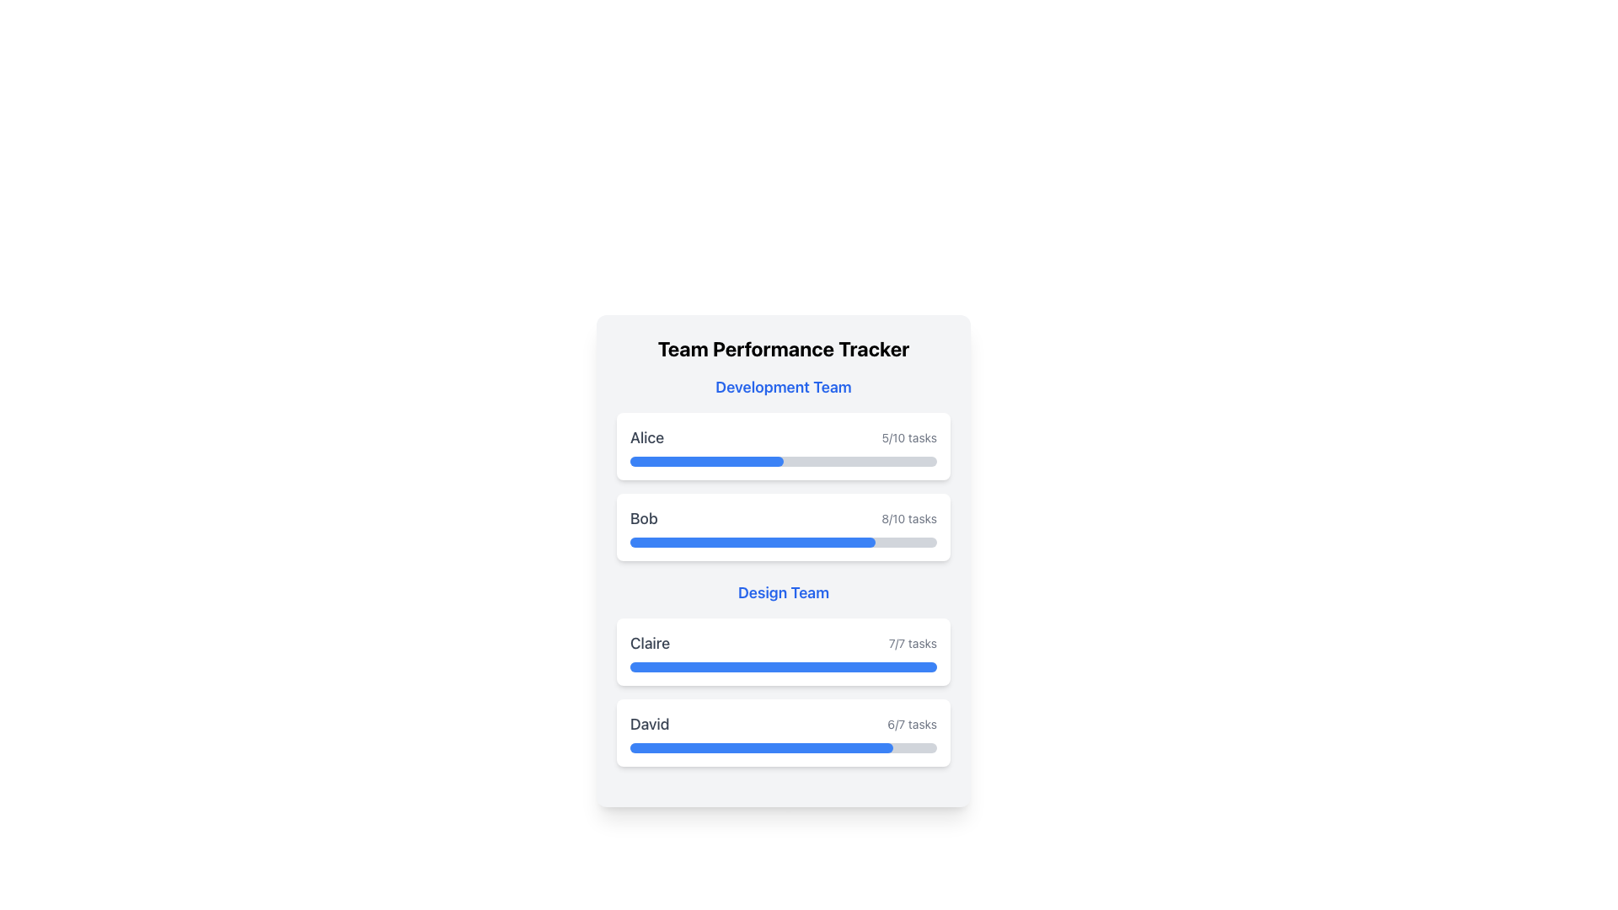 The height and width of the screenshot is (910, 1618). I want to click on the Text Label that identifies the team member 'Alice' located in the upper-left section of the horizontal group, so click(646, 437).